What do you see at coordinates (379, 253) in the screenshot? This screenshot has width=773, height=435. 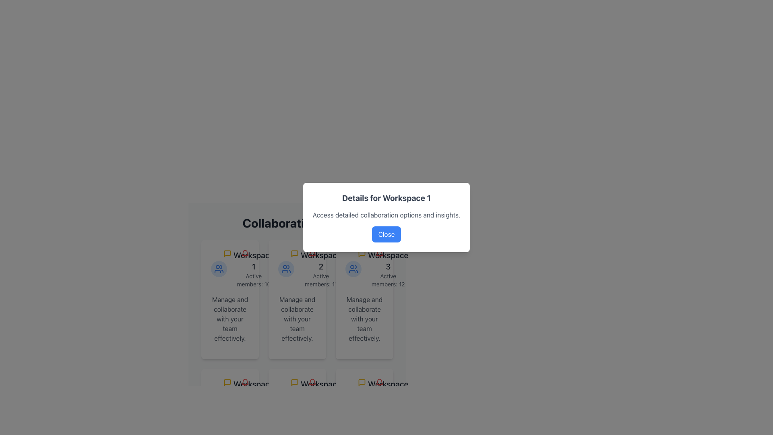 I see `the notification bell-shaped icon which is part of an interactive circular button located at the top-right of the pop-up dialog` at bounding box center [379, 253].